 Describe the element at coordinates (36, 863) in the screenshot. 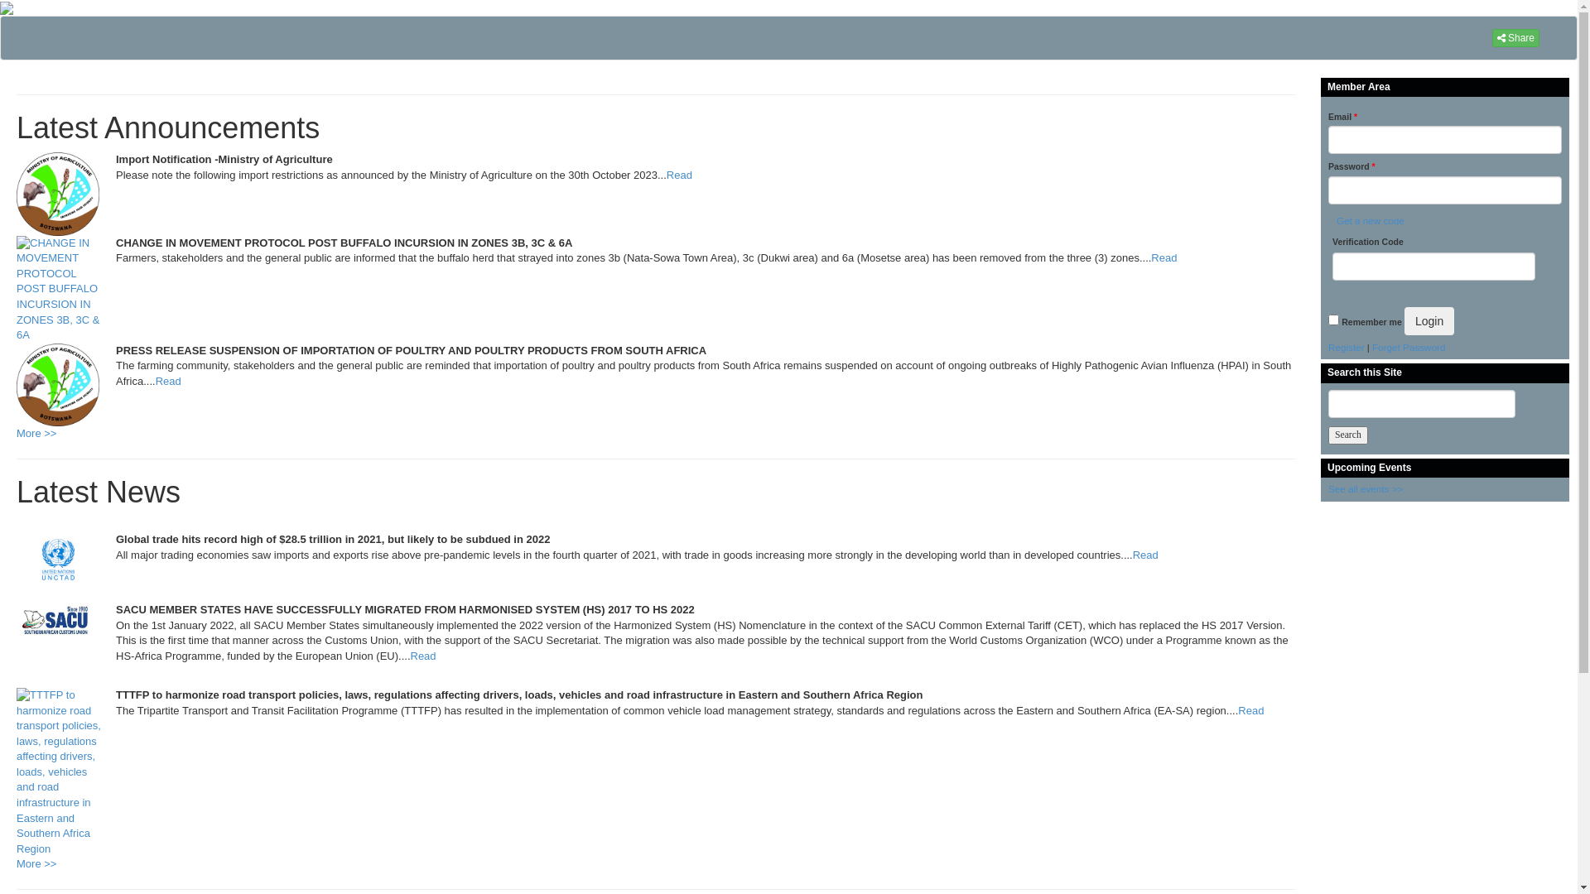

I see `'More >>'` at that location.